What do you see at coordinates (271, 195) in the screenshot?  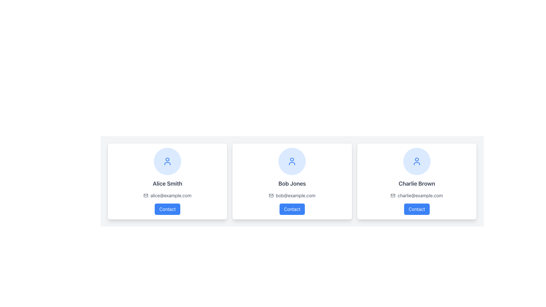 I see `the email icon located to the left of the email address 'bob@example.com' in the second card from the left` at bounding box center [271, 195].